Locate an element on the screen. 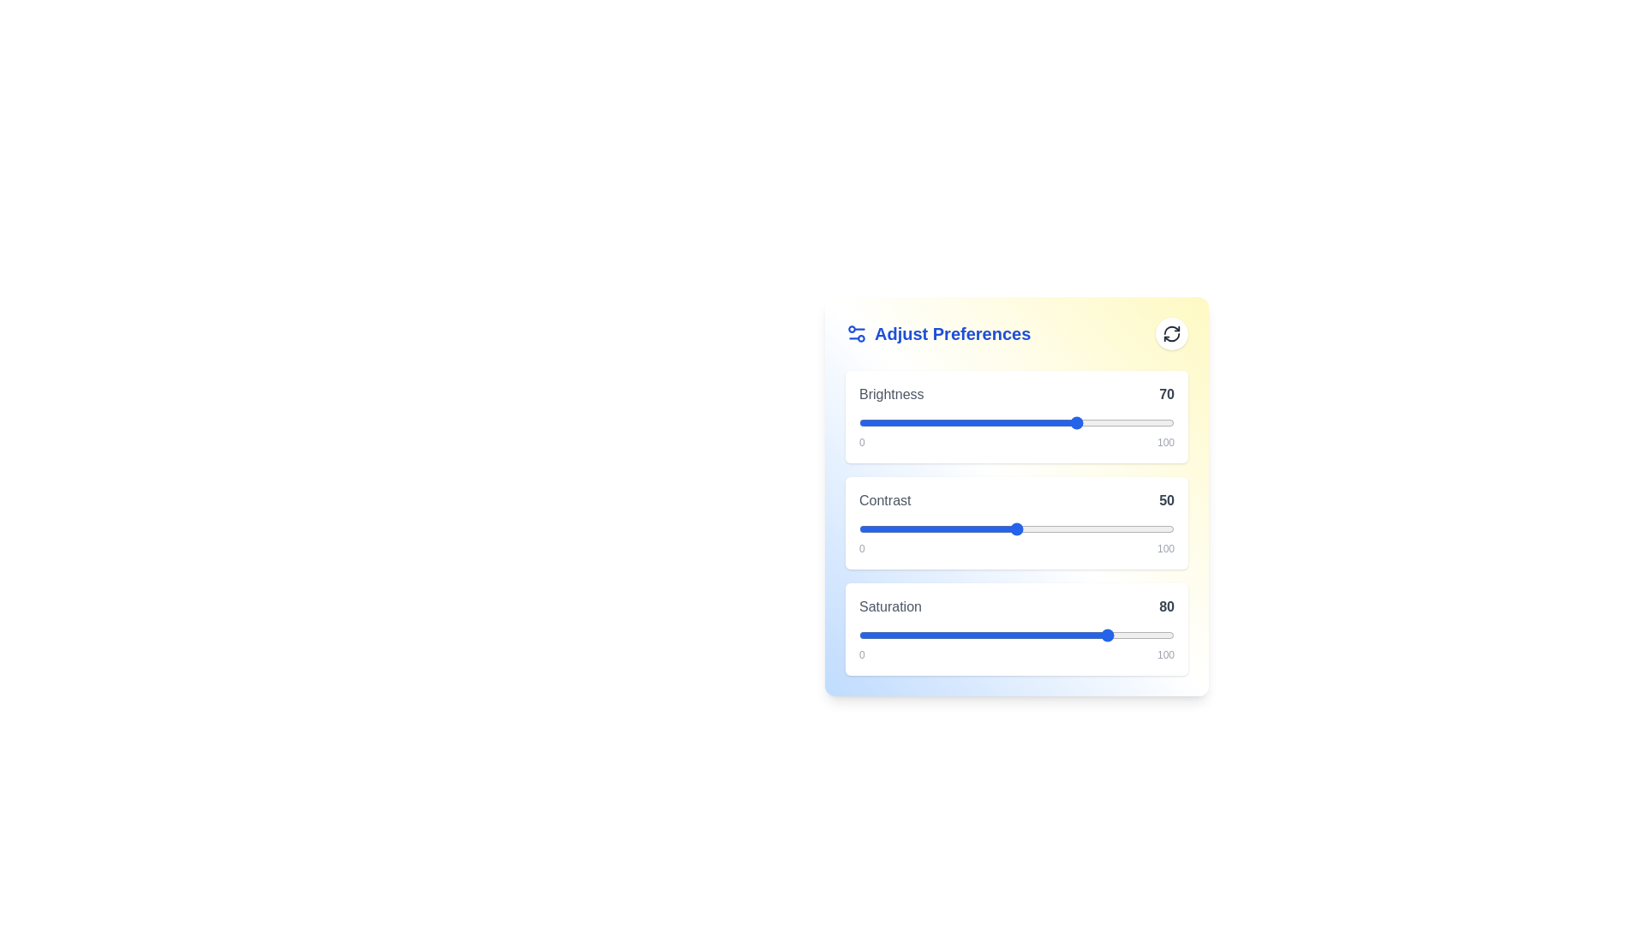 This screenshot has height=925, width=1645. displayed title from the Header element, which serves as a title and navigation header for managing settings, located at the top of the card-like component is located at coordinates (1016, 333).